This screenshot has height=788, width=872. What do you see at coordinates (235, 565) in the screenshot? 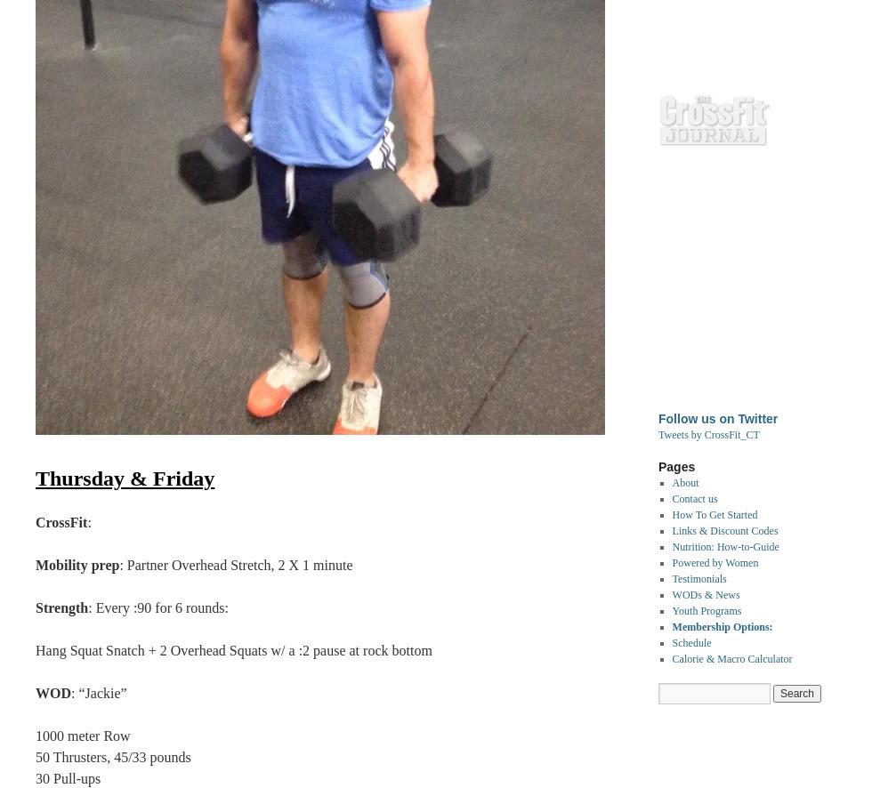
I see `': Partner Overhead Stretch, 2 X 1 minute'` at bounding box center [235, 565].